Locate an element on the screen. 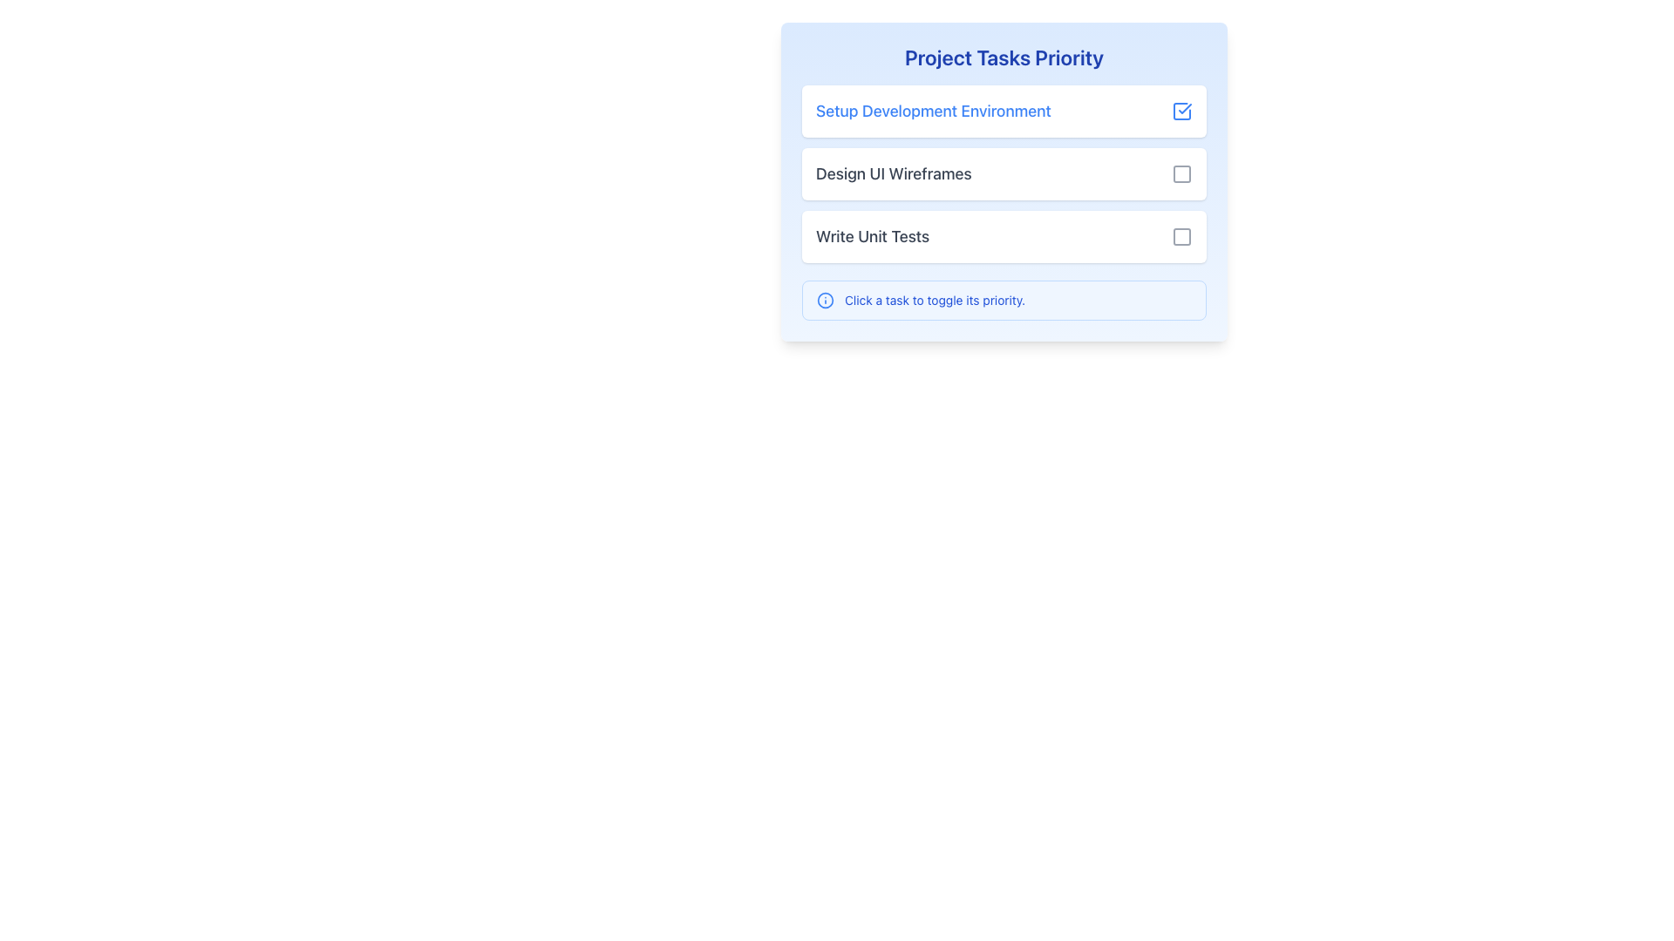 Image resolution: width=1674 pixels, height=941 pixels. the second checkbox associated with the task 'Design UI Wireframes' is located at coordinates (1182, 174).